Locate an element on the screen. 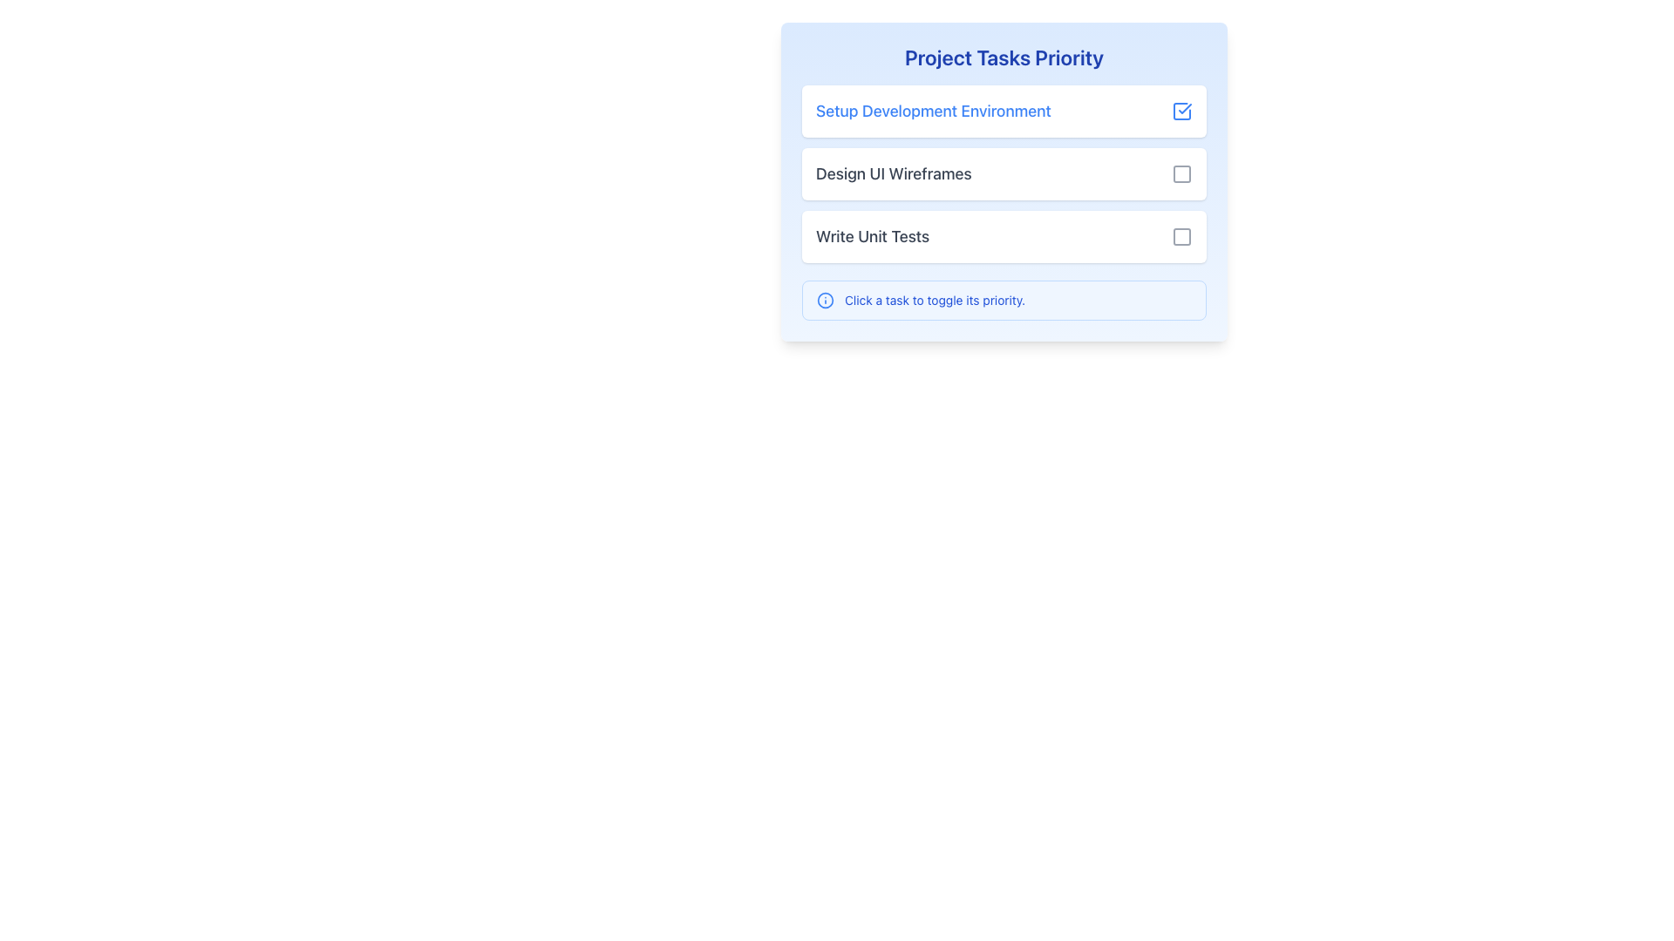 Image resolution: width=1674 pixels, height=941 pixels. the second checkbox associated with the task 'Design UI Wireframes' is located at coordinates (1182, 174).